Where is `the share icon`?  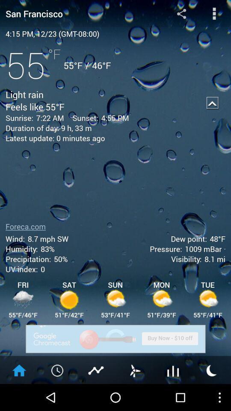
the share icon is located at coordinates (181, 14).